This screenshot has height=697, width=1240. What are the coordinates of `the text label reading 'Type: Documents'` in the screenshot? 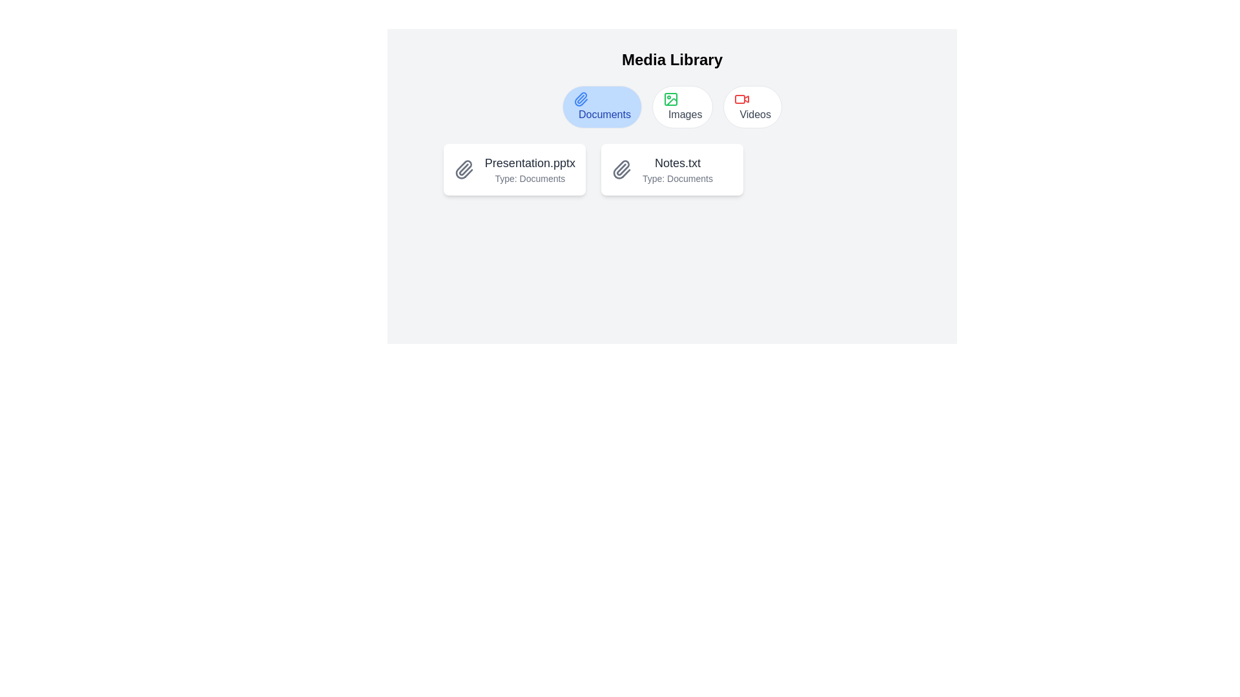 It's located at (677, 179).